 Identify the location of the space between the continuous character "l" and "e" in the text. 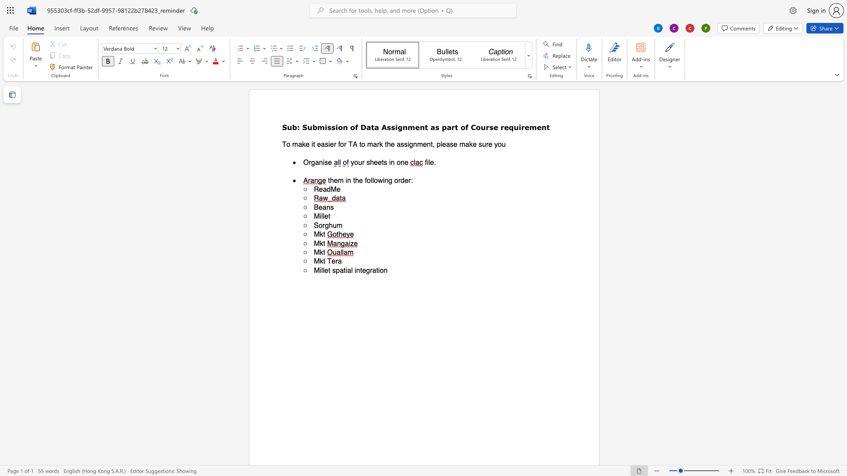
(324, 270).